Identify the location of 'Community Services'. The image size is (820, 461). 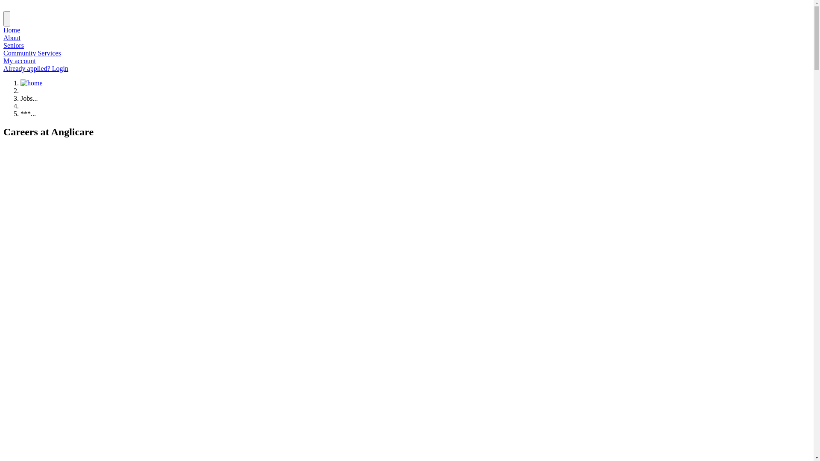
(3, 53).